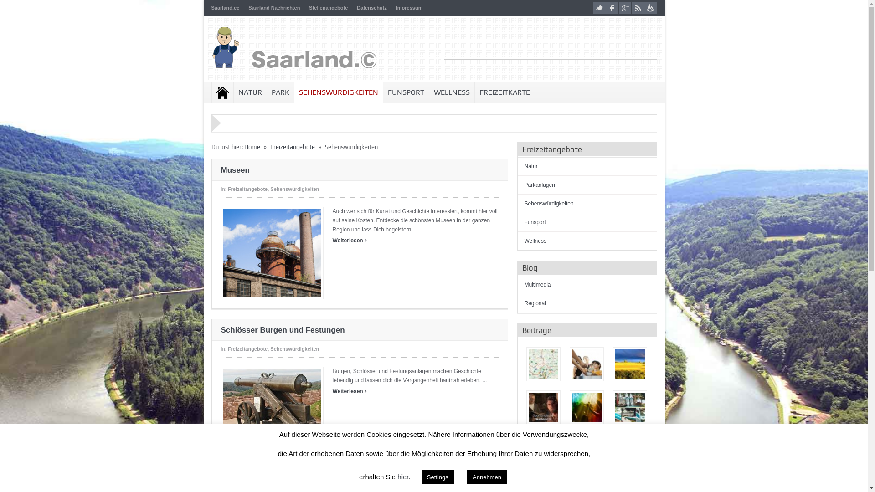 The image size is (875, 492). I want to click on 'Wellness', so click(535, 240).